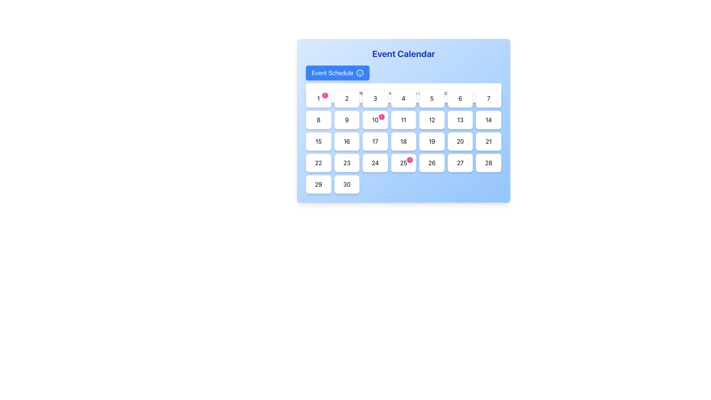 This screenshot has height=400, width=711. What do you see at coordinates (360, 73) in the screenshot?
I see `the SVG icon located to the right of the 'Event Schedule' button` at bounding box center [360, 73].